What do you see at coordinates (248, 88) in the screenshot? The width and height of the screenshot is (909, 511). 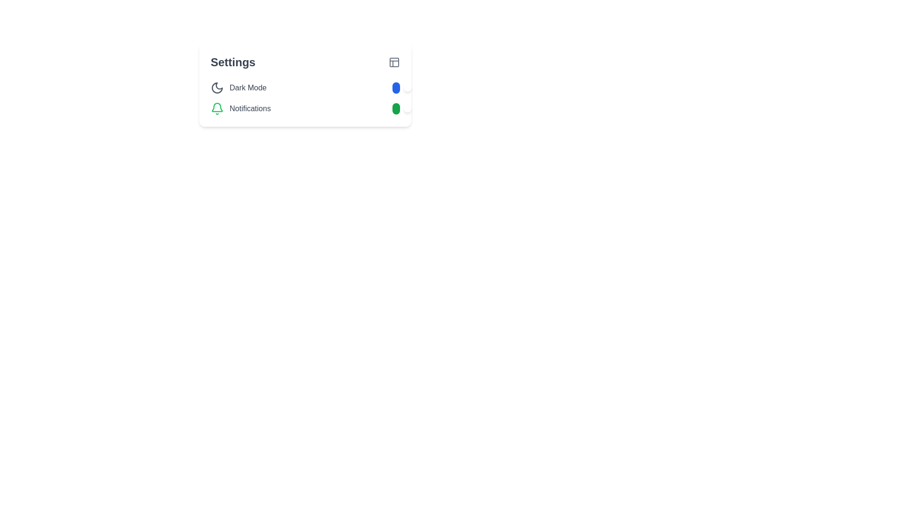 I see `text label that reads 'Dark Mode', which is styled with medium gray font weight and positioned above the 'Notifications' label in the settings card` at bounding box center [248, 88].